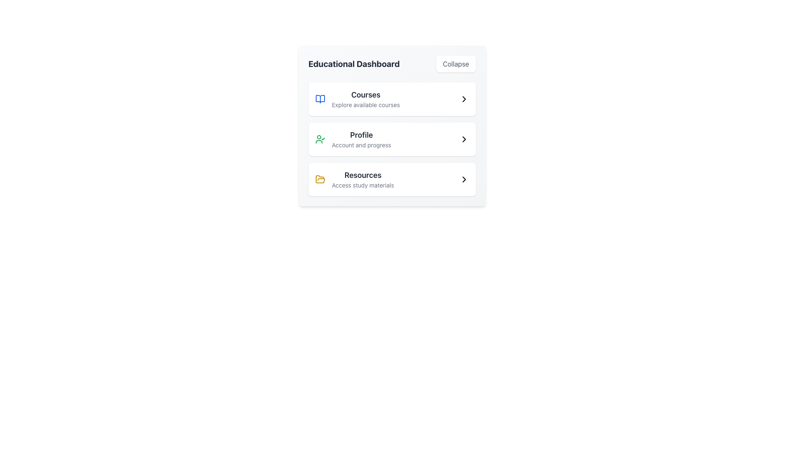 The image size is (803, 452). I want to click on the 'Profile' textual label with heading and subtitle, so click(361, 139).